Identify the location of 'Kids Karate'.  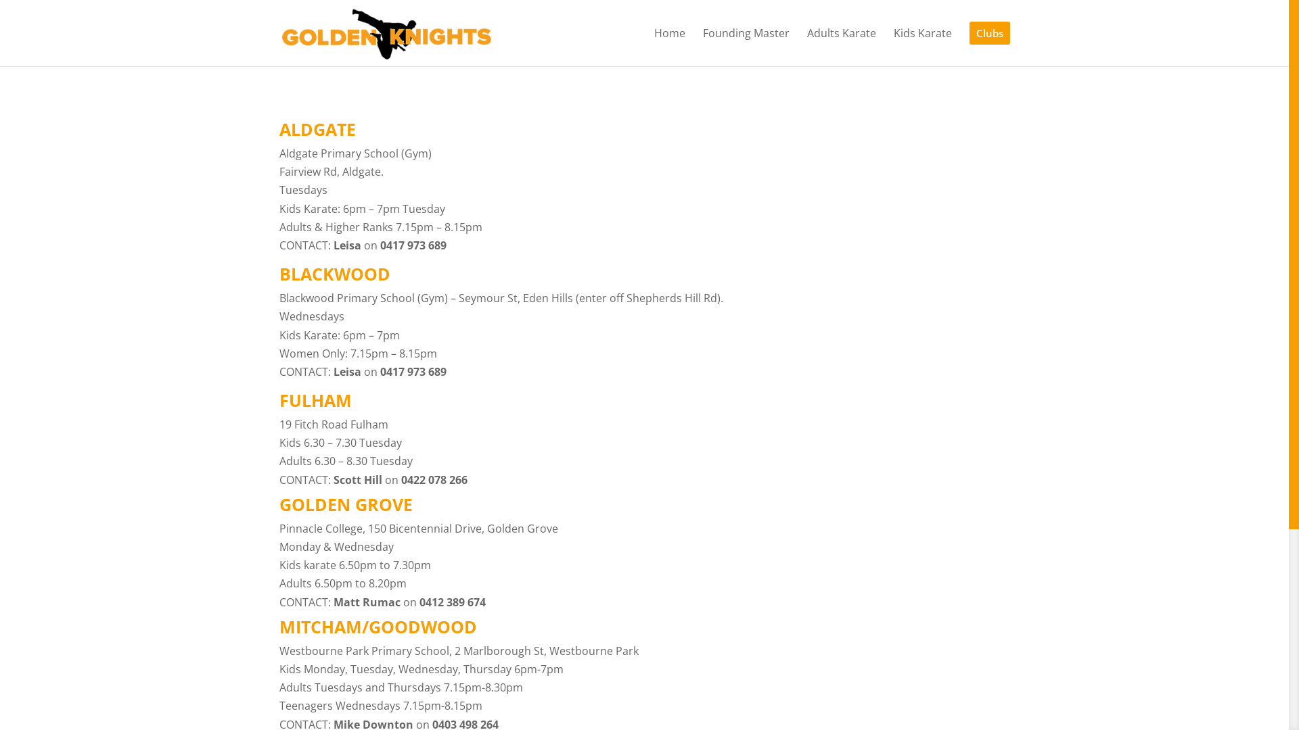
(893, 46).